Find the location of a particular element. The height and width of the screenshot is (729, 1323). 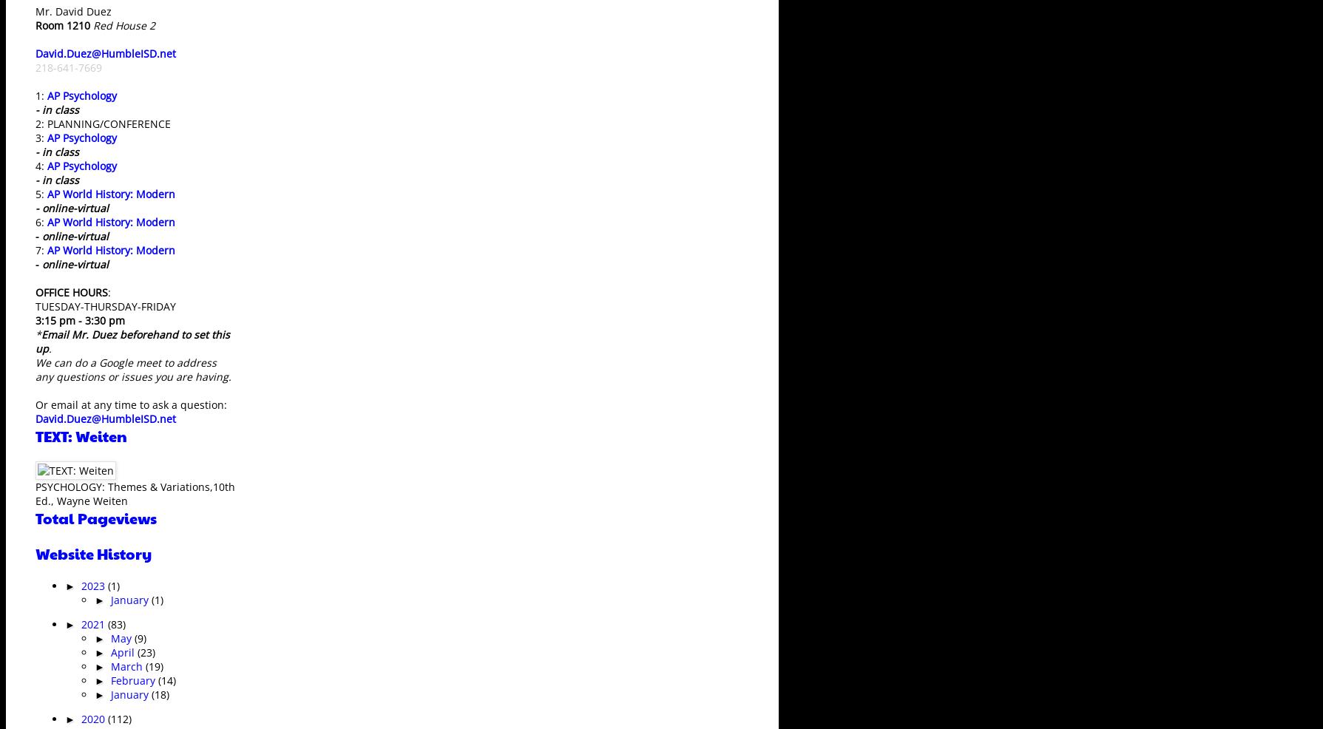

'1:' is located at coordinates (41, 95).